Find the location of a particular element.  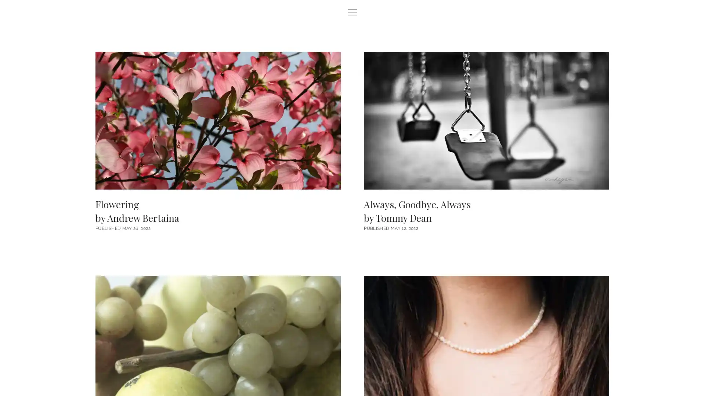

open menu is located at coordinates (352, 12).